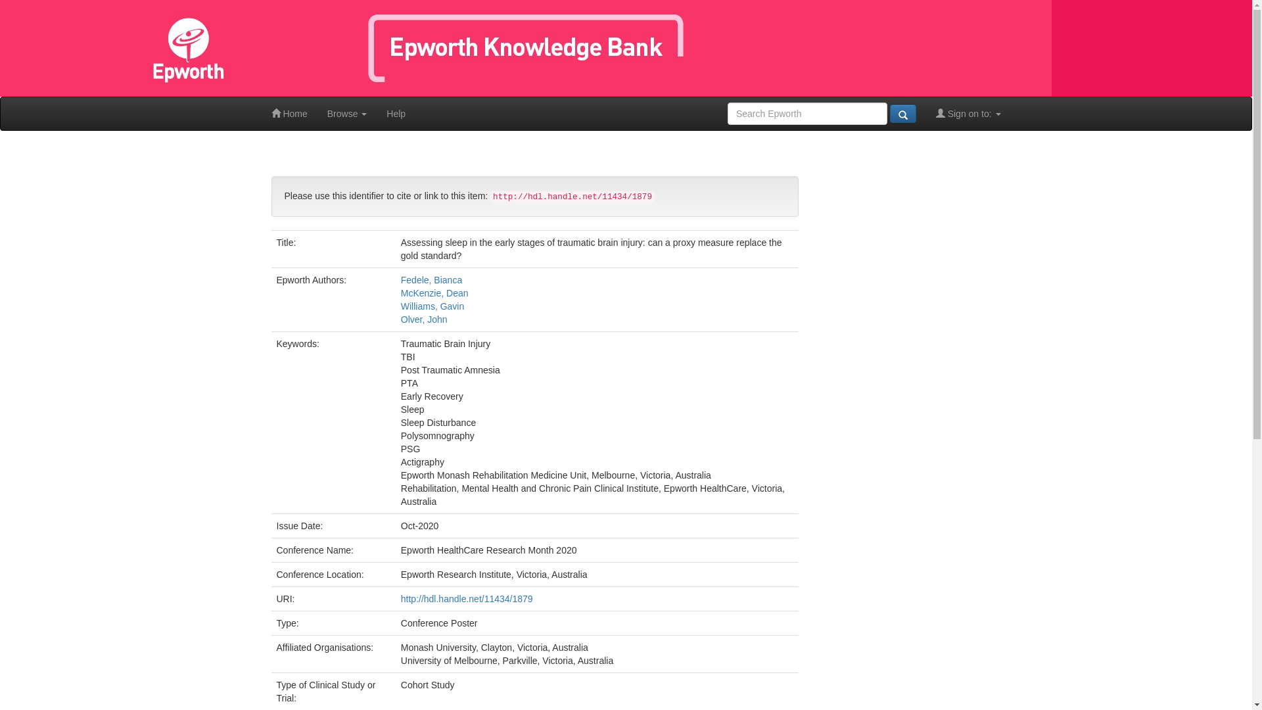 The image size is (1262, 710). What do you see at coordinates (347, 113) in the screenshot?
I see `'Browse'` at bounding box center [347, 113].